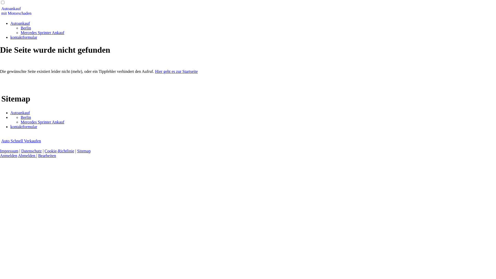 This screenshot has height=279, width=496. I want to click on 'Autoankauf, so click(1, 11).